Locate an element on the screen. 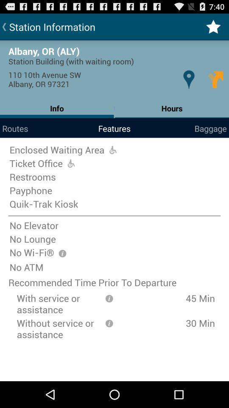 This screenshot has width=229, height=408. info is located at coordinates (109, 322).